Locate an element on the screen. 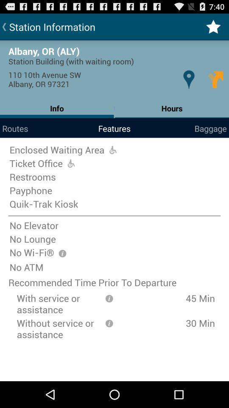 This screenshot has width=229, height=408. info is located at coordinates (109, 322).